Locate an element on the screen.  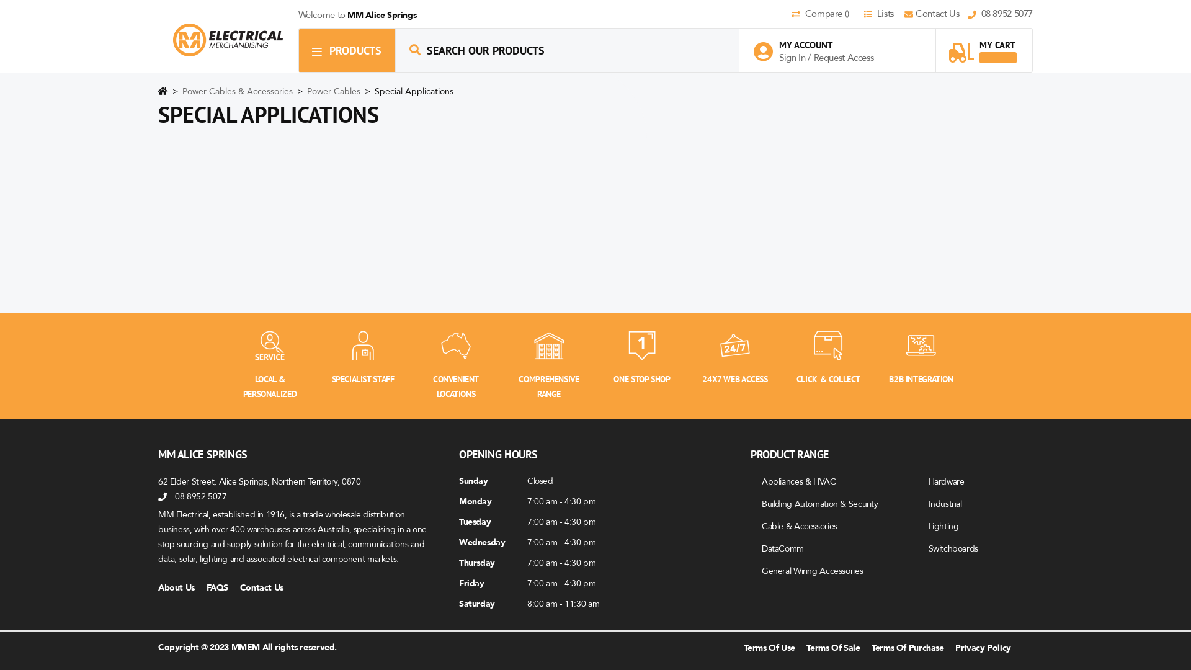
'Comprehensive range' is located at coordinates (548, 344).